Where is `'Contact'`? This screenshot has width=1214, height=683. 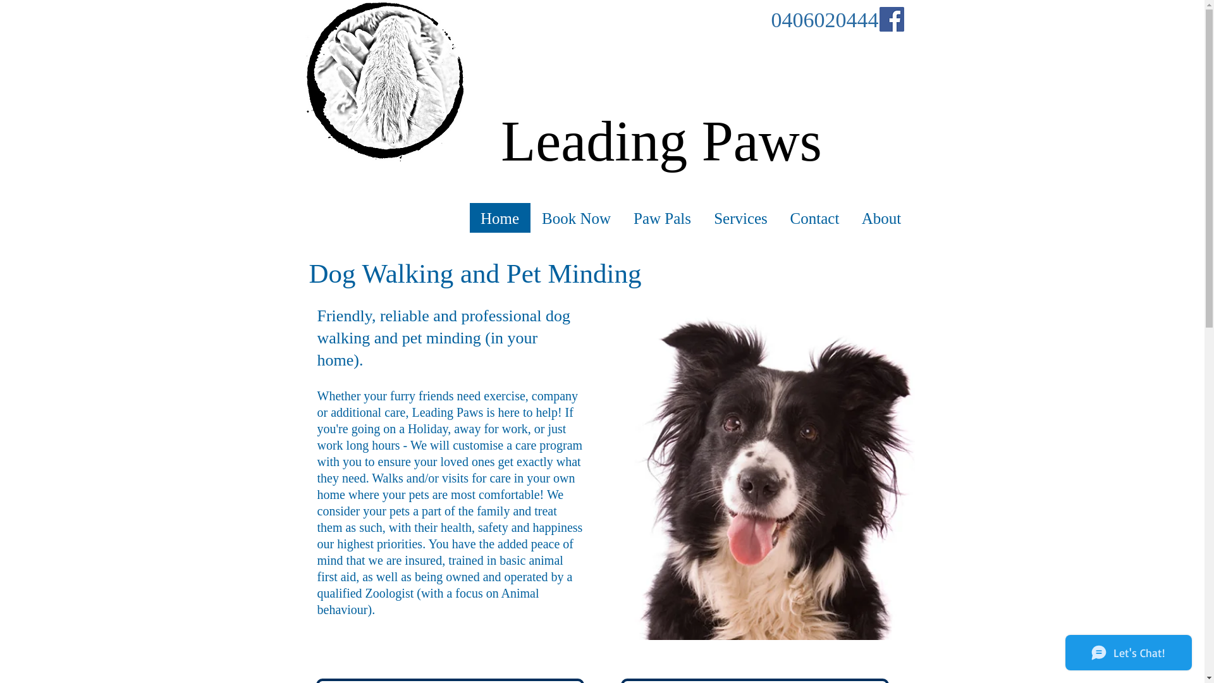 'Contact' is located at coordinates (778, 218).